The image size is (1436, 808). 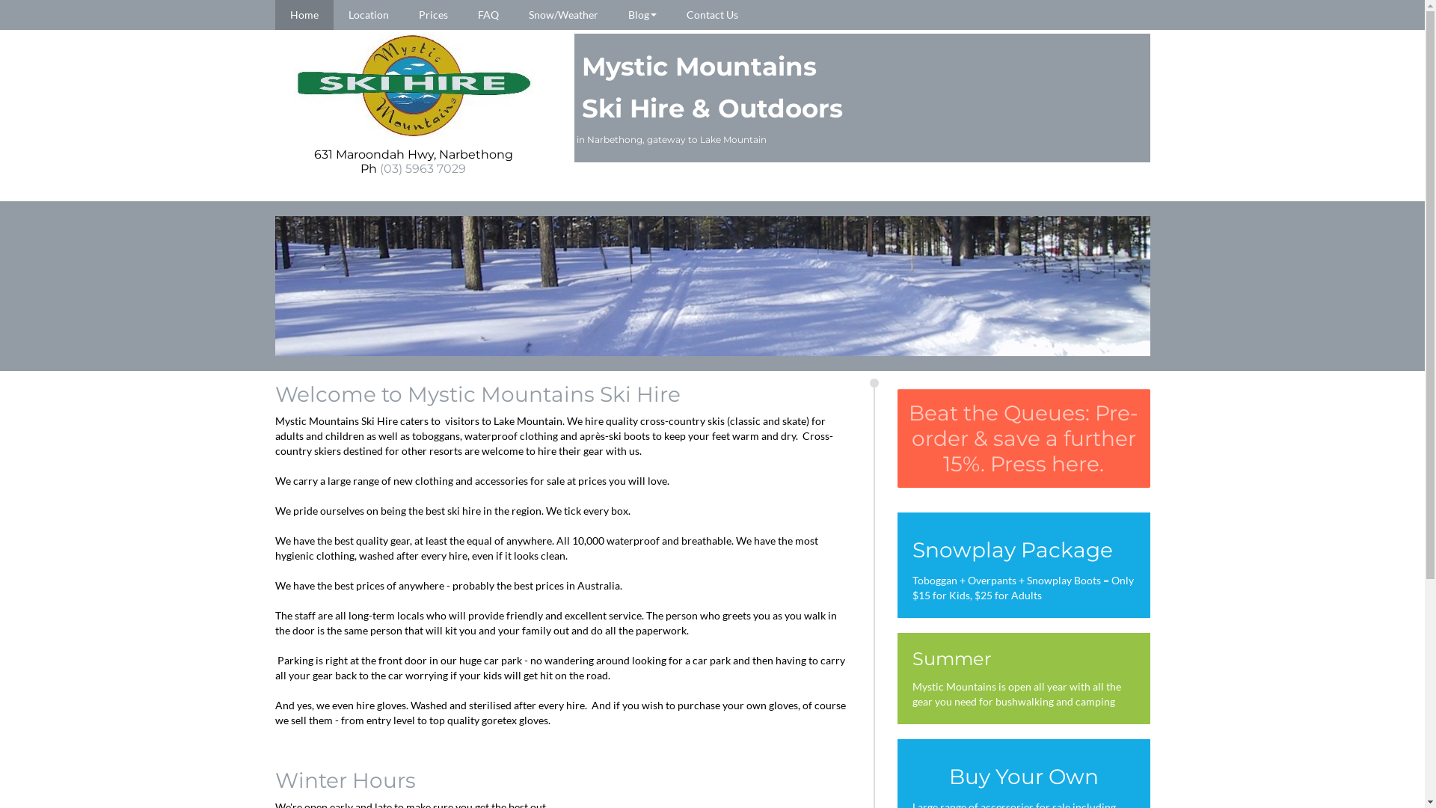 I want to click on 'Welcome to Mystic Mountains Ski Hire', so click(x=476, y=394).